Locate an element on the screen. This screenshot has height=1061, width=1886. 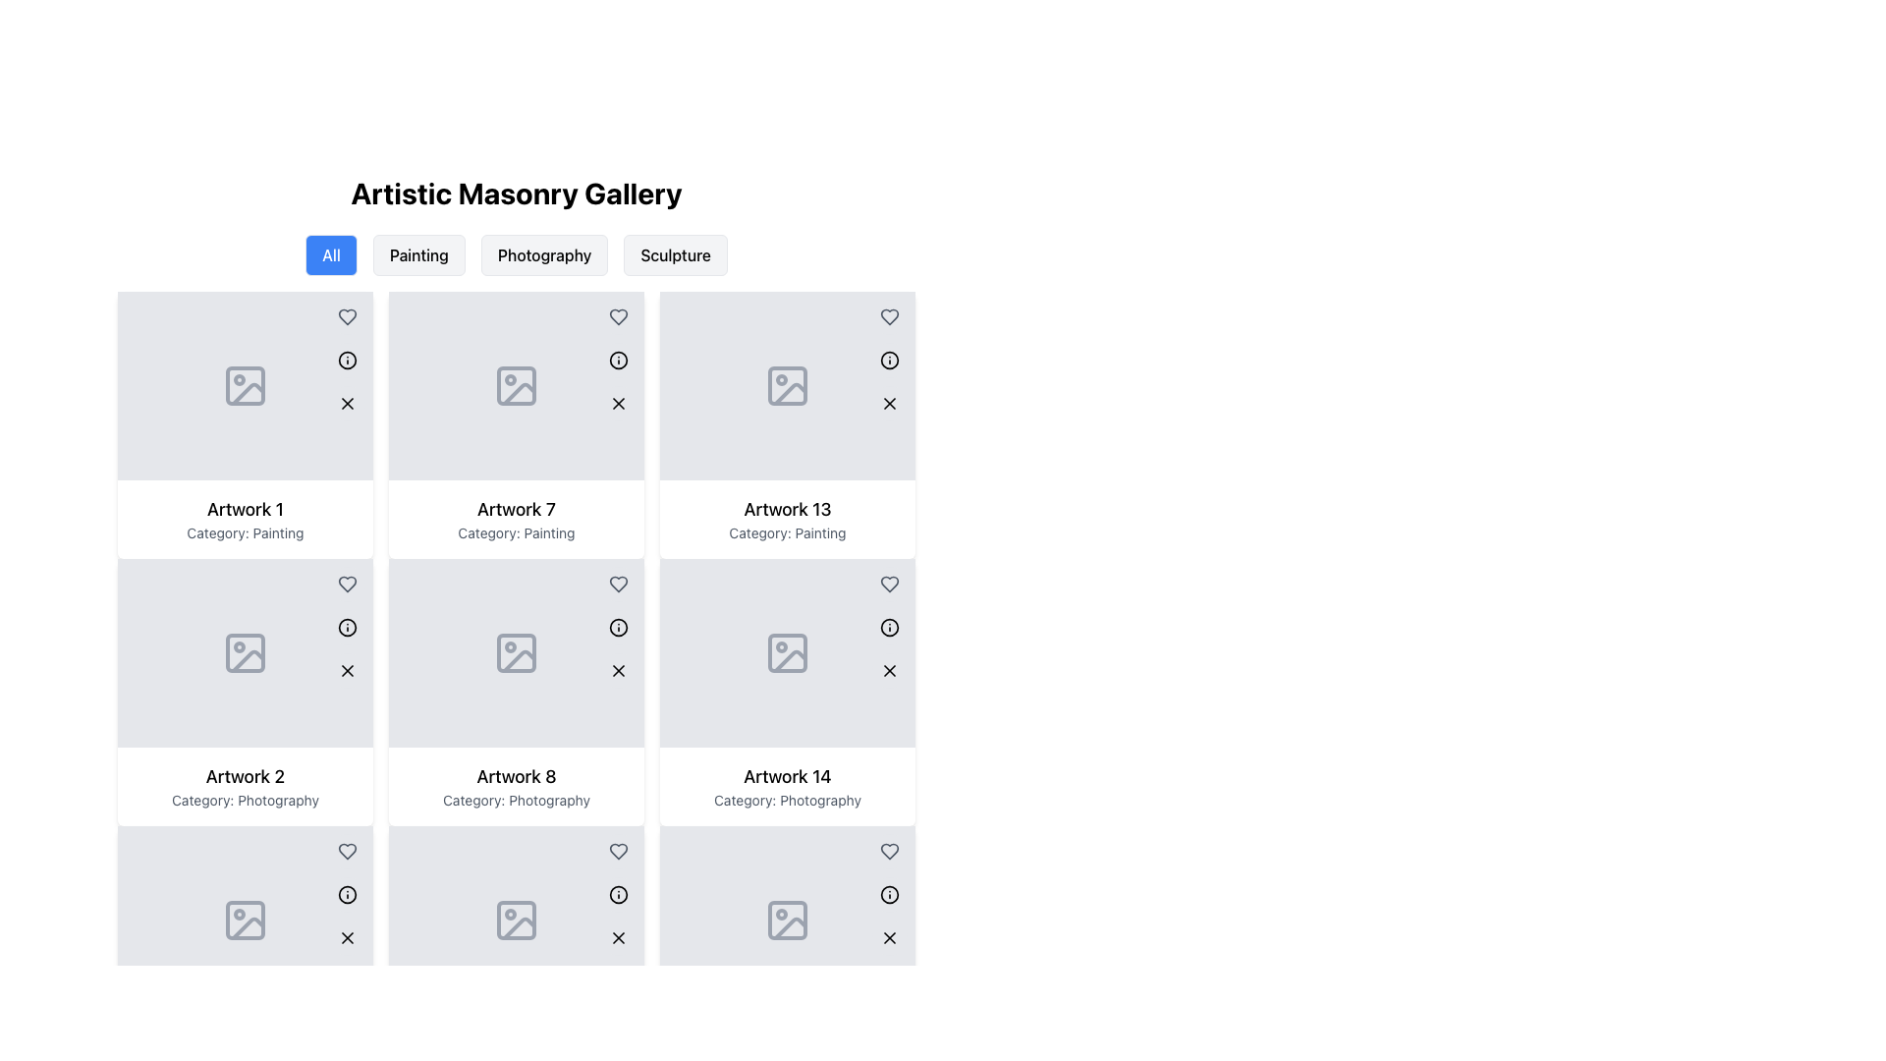
the visual placeholder for artwork located in the fourth row and second column of the artistic gallery grid layout is located at coordinates (787, 652).